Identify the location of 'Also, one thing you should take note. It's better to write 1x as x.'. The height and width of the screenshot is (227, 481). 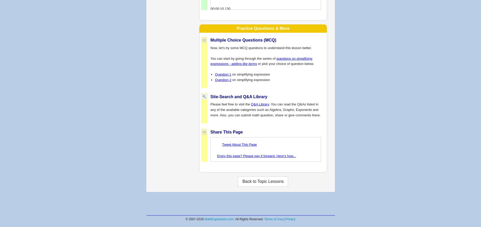
(257, 159).